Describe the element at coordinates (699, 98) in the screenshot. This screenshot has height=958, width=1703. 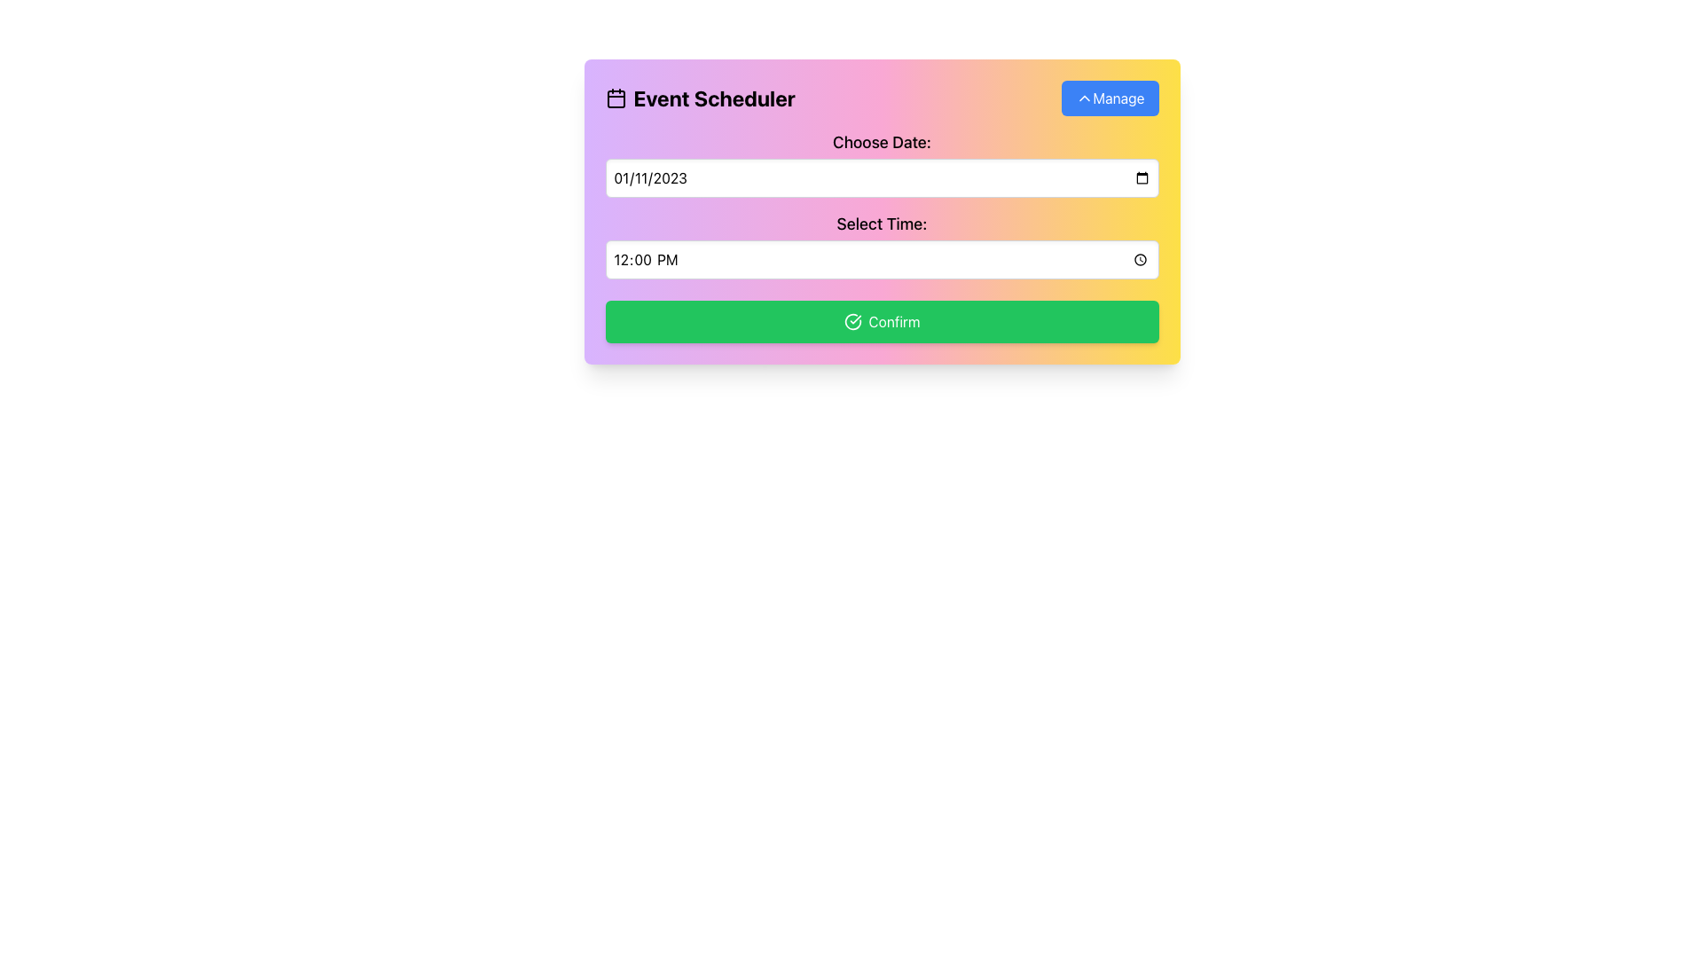
I see `the 'Event Scheduler' text which is styled in bold, large font and located in the header section of the card layout` at that location.